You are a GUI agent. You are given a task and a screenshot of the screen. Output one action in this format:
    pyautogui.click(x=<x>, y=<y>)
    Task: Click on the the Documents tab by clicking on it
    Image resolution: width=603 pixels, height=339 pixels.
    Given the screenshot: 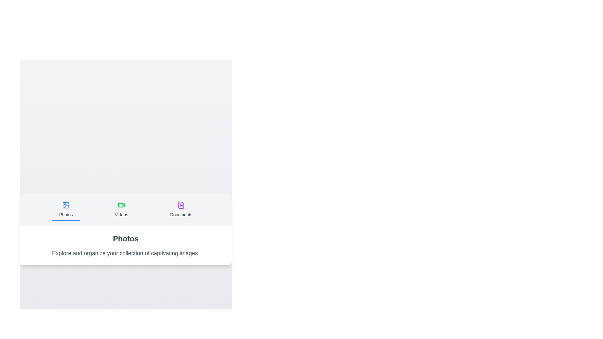 What is the action you would take?
    pyautogui.click(x=181, y=209)
    